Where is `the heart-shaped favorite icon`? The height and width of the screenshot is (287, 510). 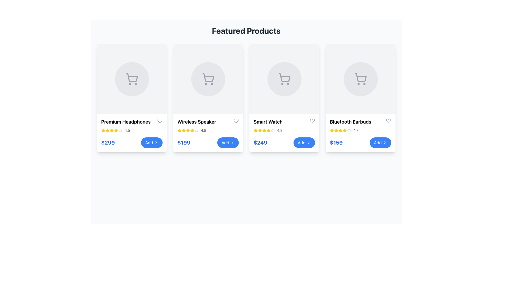 the heart-shaped favorite icon is located at coordinates (389, 121).